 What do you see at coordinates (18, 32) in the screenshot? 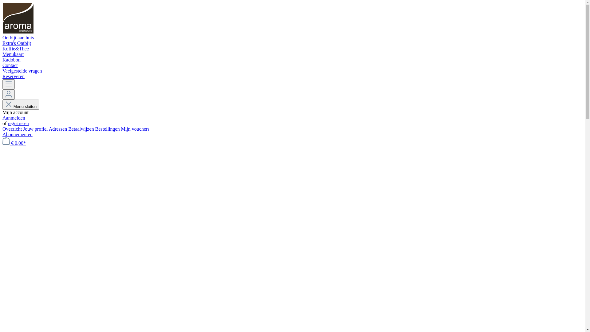
I see `'Naar de startpagina'` at bounding box center [18, 32].